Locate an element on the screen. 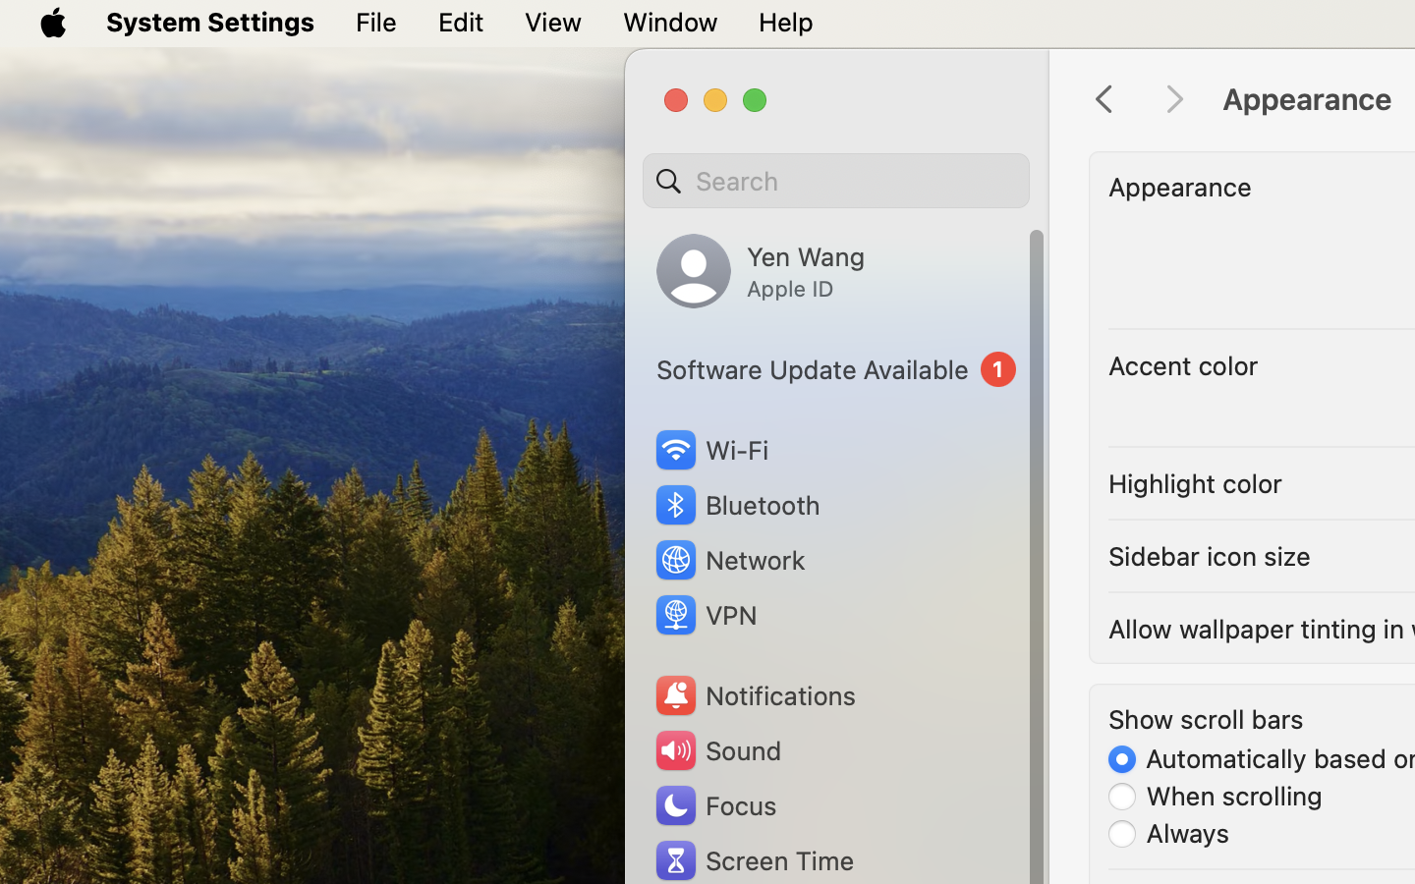 This screenshot has height=884, width=1415. 'Sidebar icon size' is located at coordinates (1209, 556).